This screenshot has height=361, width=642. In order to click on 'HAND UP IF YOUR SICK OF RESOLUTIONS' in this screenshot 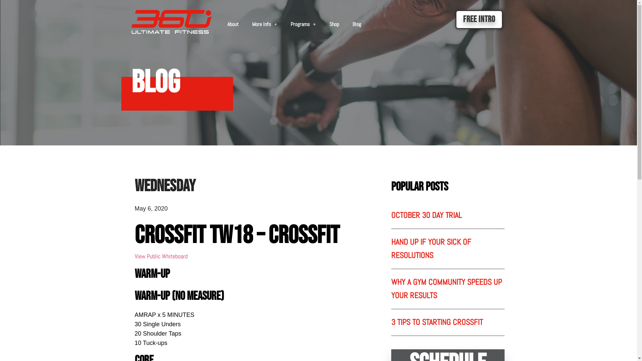, I will do `click(431, 248)`.